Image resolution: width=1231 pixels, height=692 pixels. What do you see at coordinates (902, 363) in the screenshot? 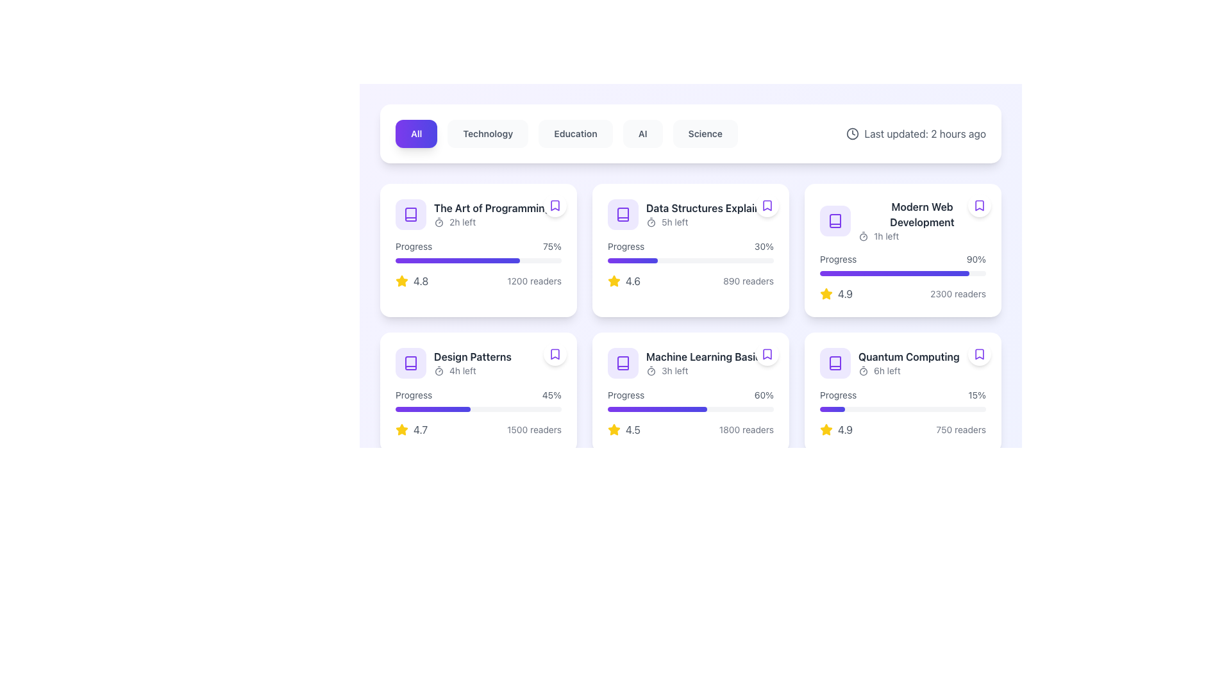
I see `the header text 'Quantum Computing' located in the bottom-right area of the card` at bounding box center [902, 363].